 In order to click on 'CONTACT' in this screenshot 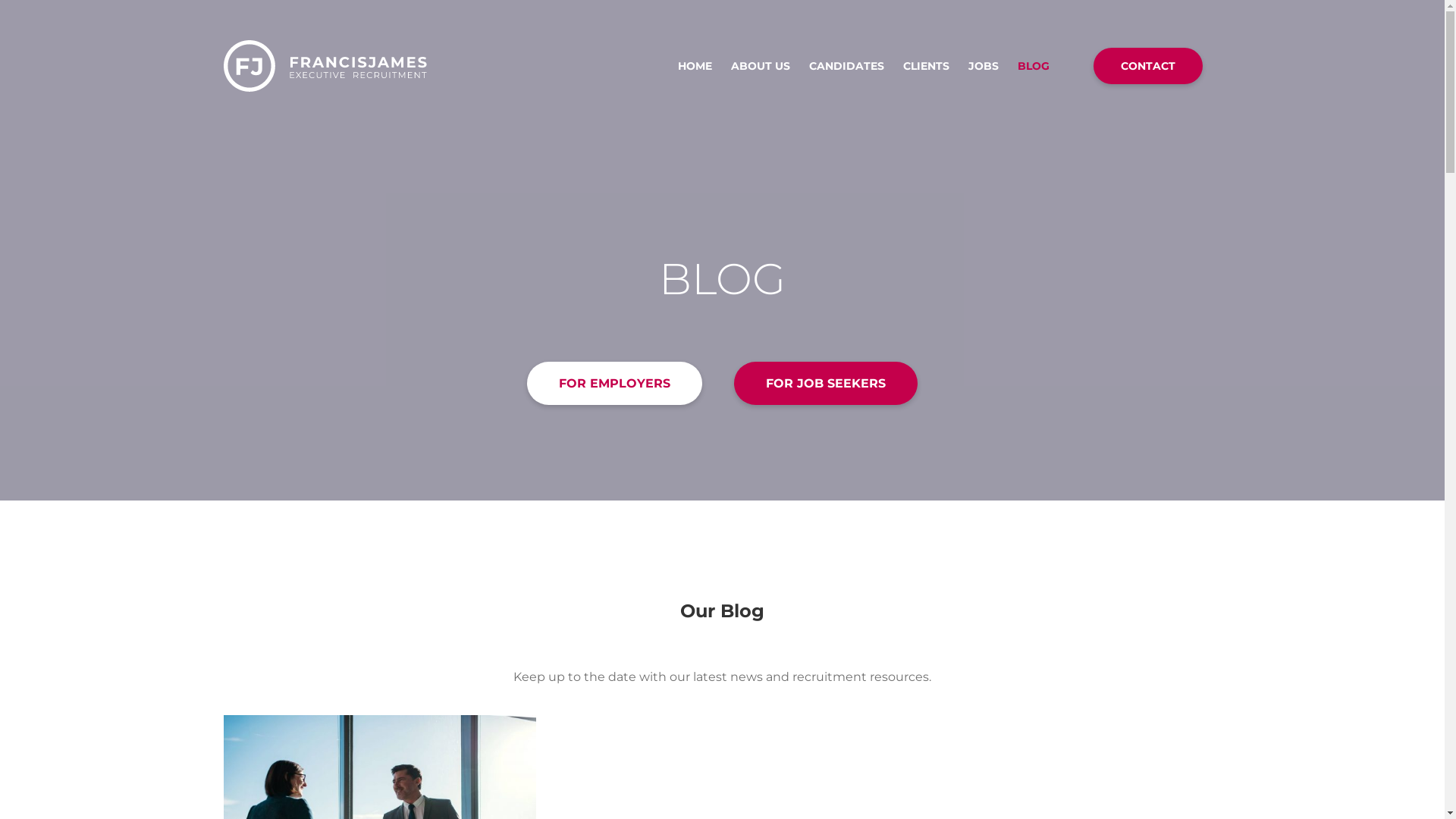, I will do `click(1147, 65)`.